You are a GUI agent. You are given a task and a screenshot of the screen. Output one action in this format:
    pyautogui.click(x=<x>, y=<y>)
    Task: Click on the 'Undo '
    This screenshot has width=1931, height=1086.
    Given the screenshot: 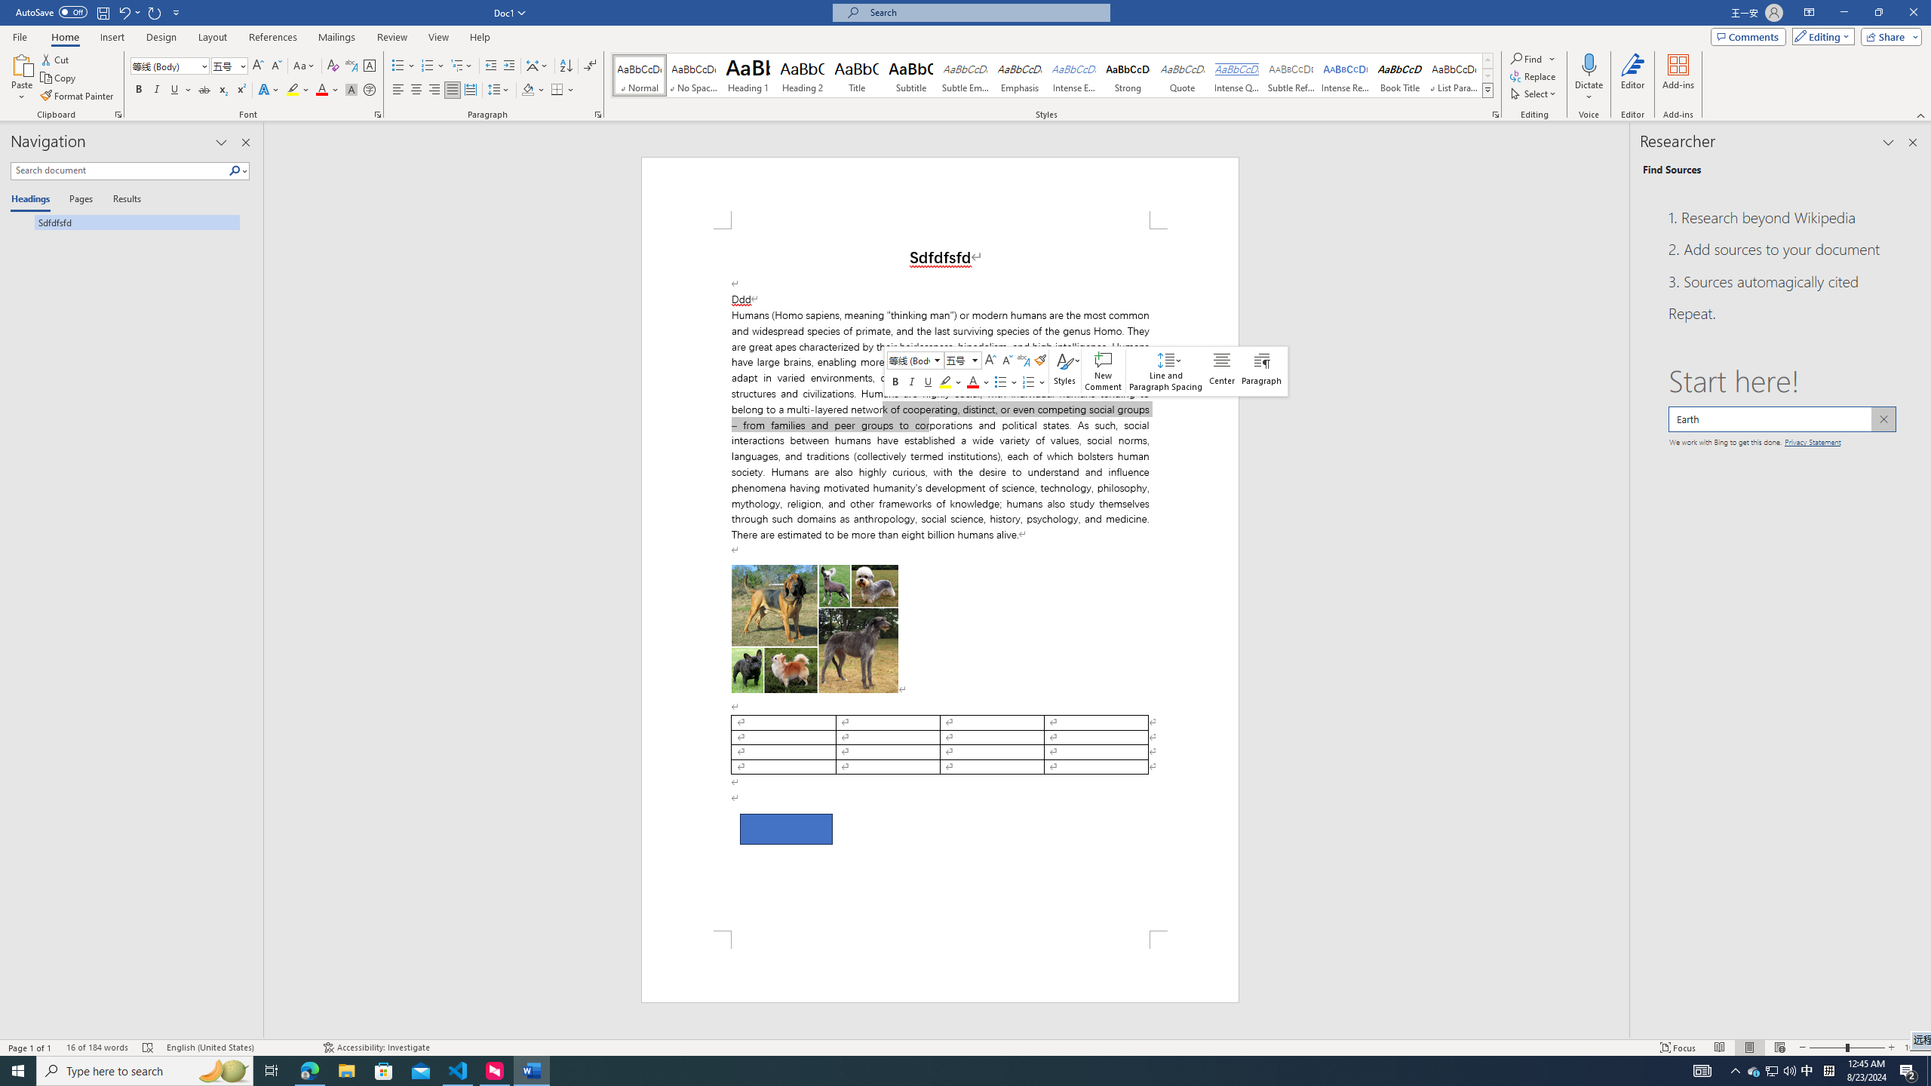 What is the action you would take?
    pyautogui.click(x=123, y=11)
    